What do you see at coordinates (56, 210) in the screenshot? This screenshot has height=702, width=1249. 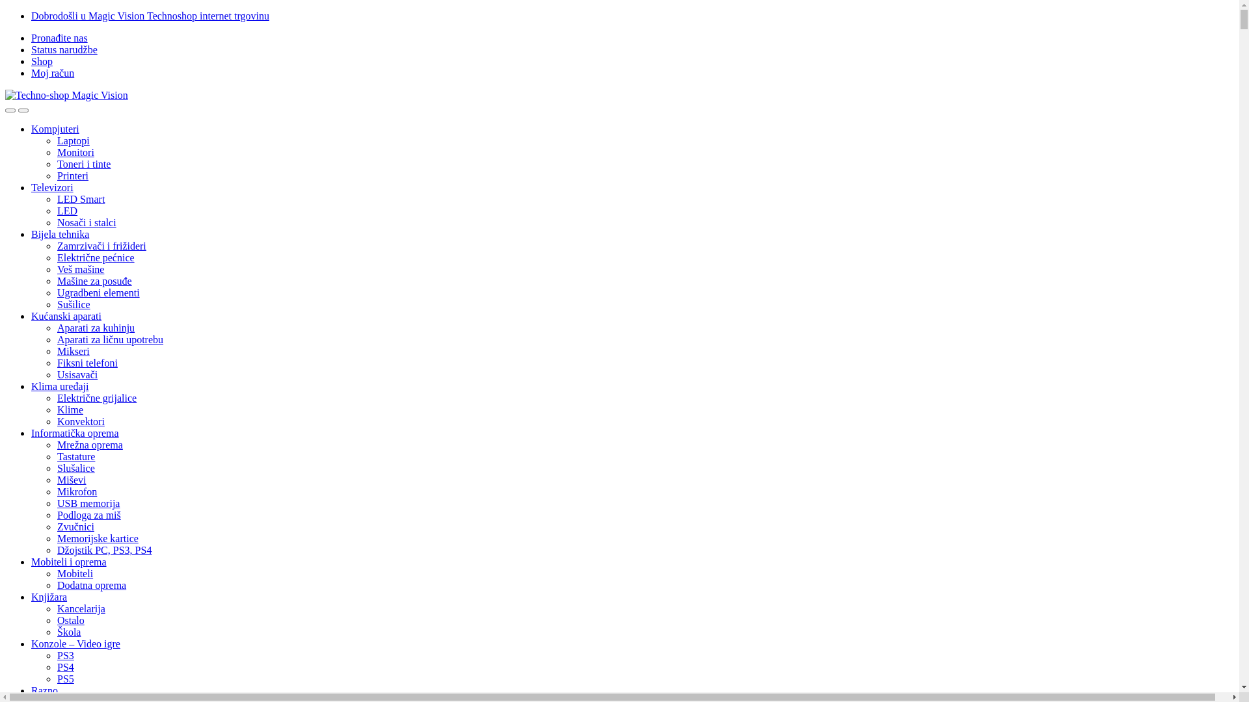 I see `'LED'` at bounding box center [56, 210].